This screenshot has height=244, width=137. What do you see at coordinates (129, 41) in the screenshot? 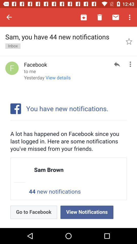
I see `the star icon` at bounding box center [129, 41].